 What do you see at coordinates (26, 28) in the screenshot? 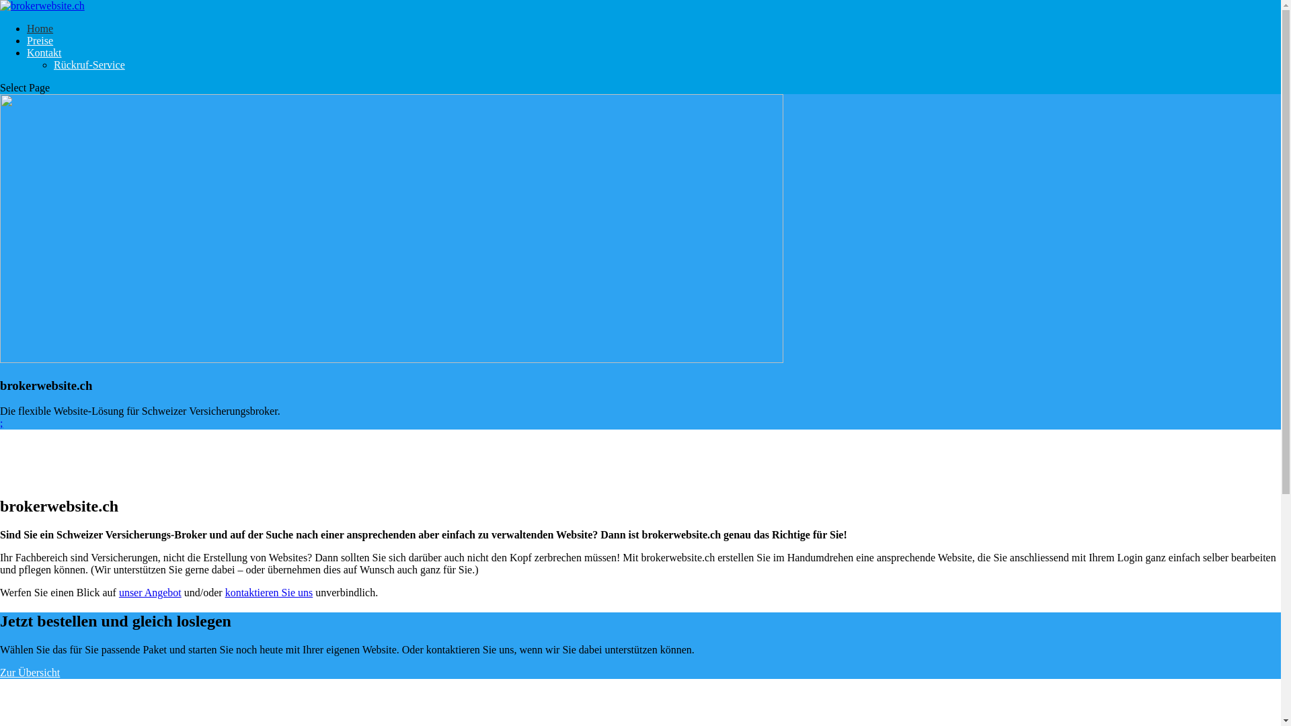
I see `'Home'` at bounding box center [26, 28].